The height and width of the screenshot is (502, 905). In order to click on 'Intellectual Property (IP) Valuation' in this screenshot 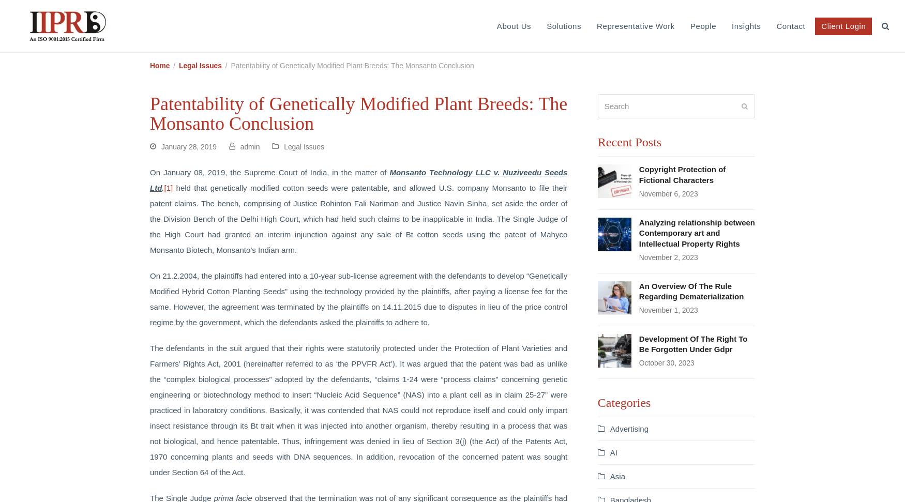, I will do `click(736, 242)`.